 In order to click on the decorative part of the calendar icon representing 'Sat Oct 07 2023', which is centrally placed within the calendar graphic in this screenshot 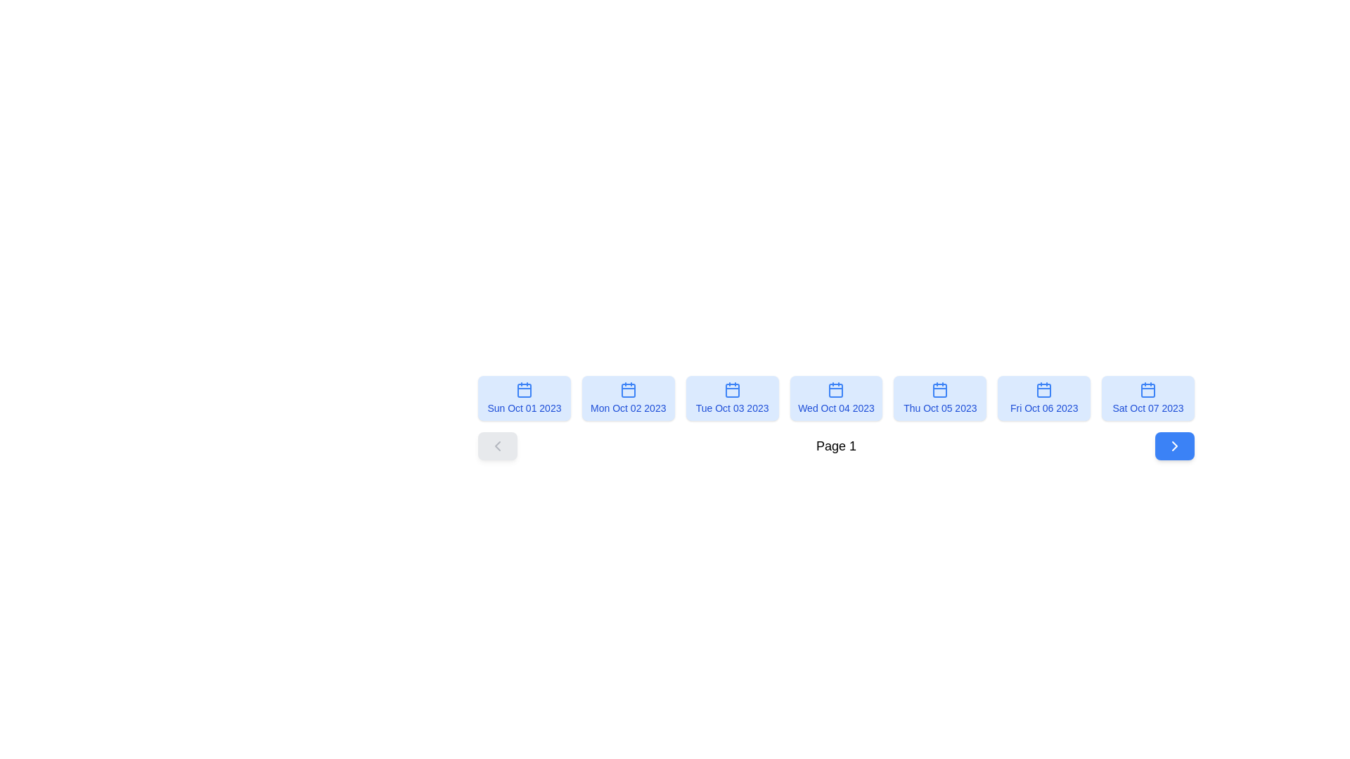, I will do `click(1148, 390)`.